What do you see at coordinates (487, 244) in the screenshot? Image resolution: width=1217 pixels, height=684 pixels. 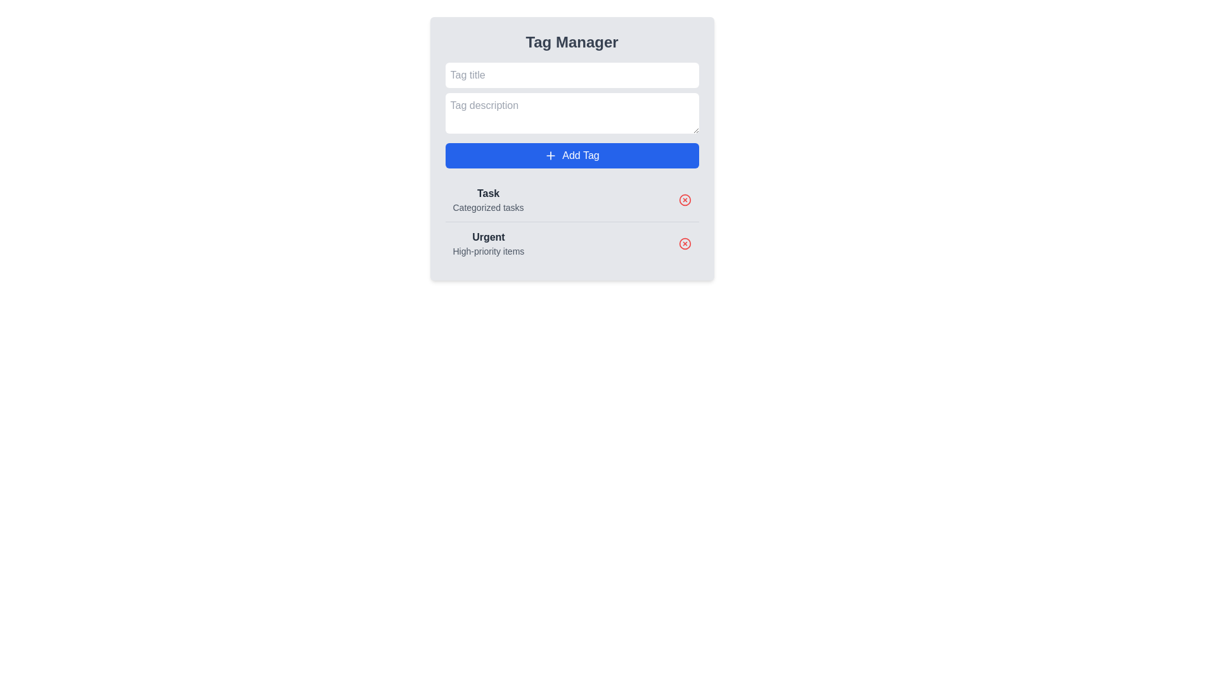 I see `the text label that describes the task category with the title 'Urgent' and description 'High-priority items', located in the lower middle portion of the interface between 'Task: Categorized tasks' and a red icon button` at bounding box center [487, 244].